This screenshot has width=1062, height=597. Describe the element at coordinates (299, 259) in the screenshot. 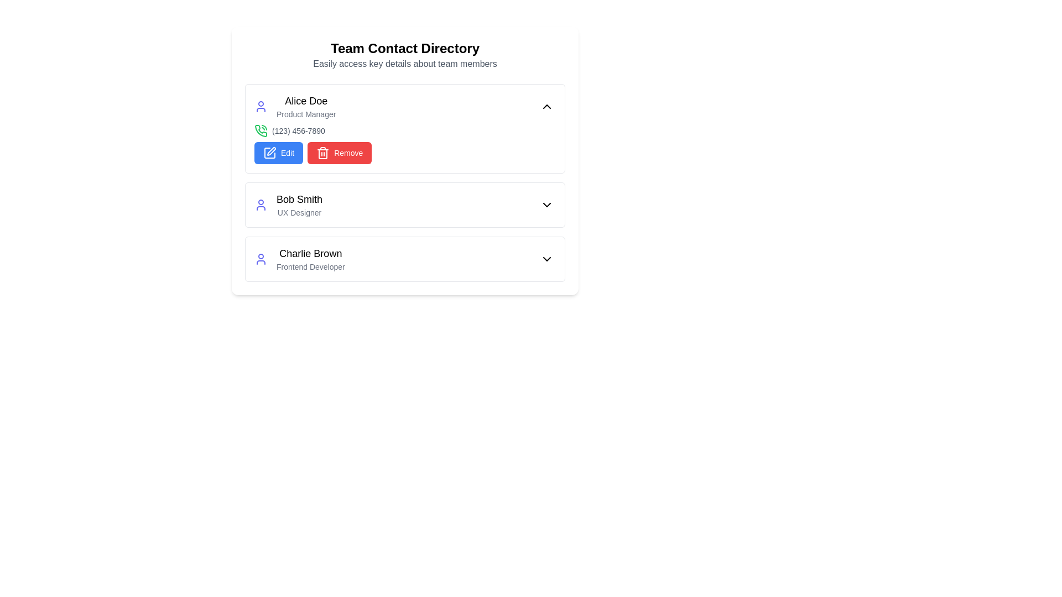

I see `the name of the third contact in the Team Contact Directory` at that location.